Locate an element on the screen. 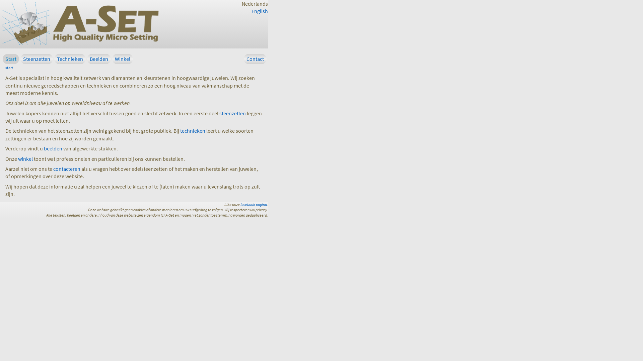  'Start' is located at coordinates (11, 58).